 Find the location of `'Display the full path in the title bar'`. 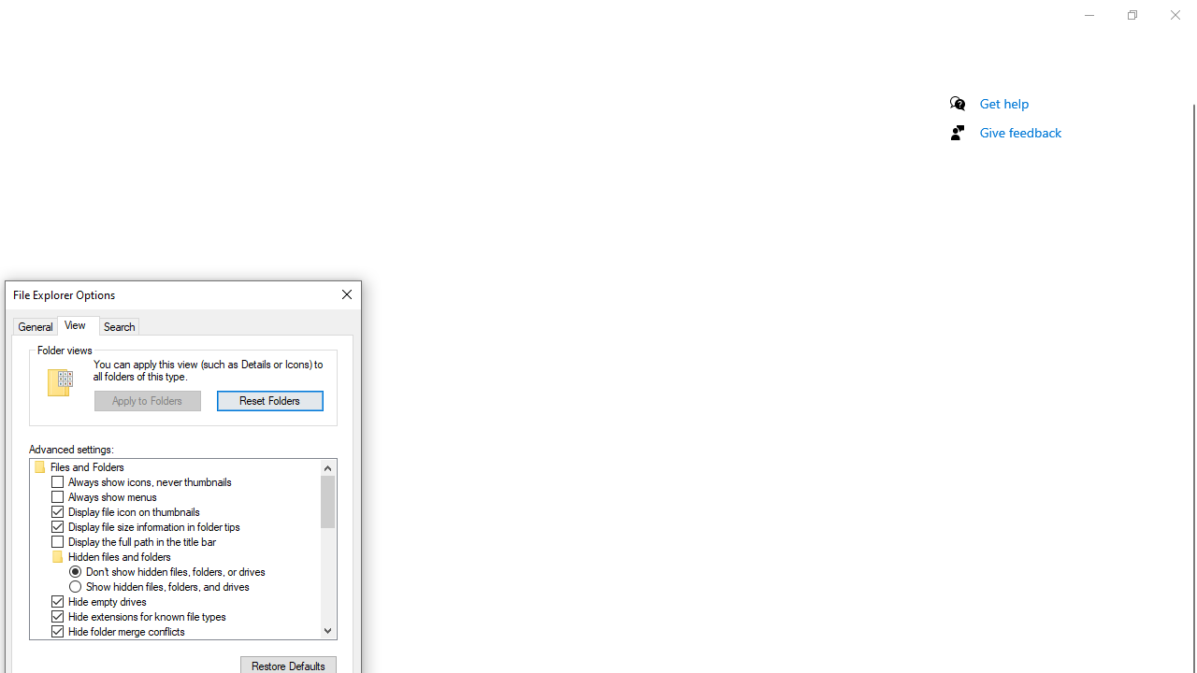

'Display the full path in the title bar' is located at coordinates (140, 541).